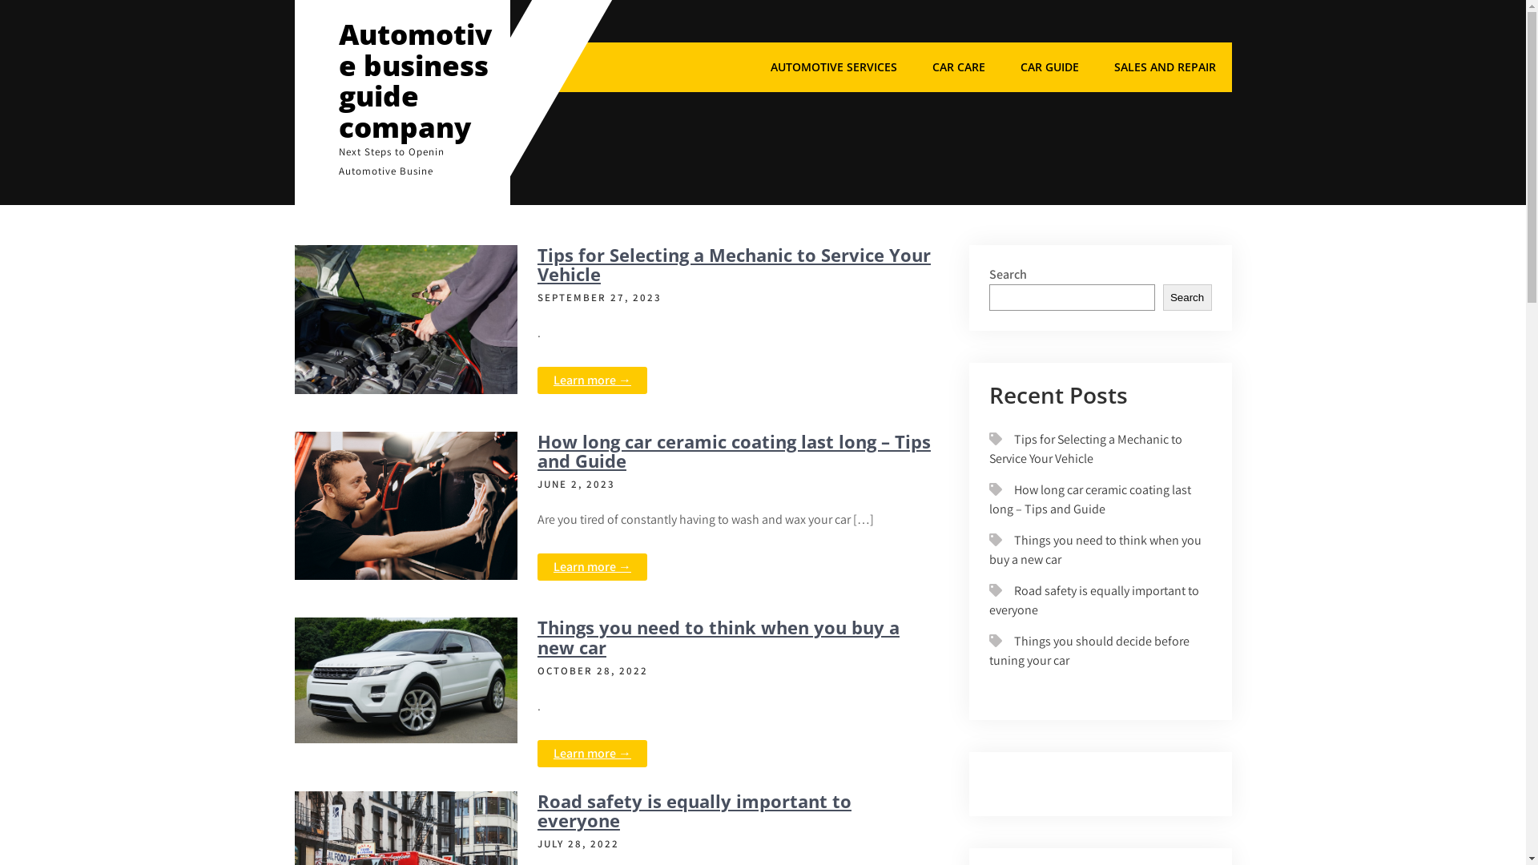 The height and width of the screenshot is (865, 1538). What do you see at coordinates (1187, 297) in the screenshot?
I see `'Search'` at bounding box center [1187, 297].